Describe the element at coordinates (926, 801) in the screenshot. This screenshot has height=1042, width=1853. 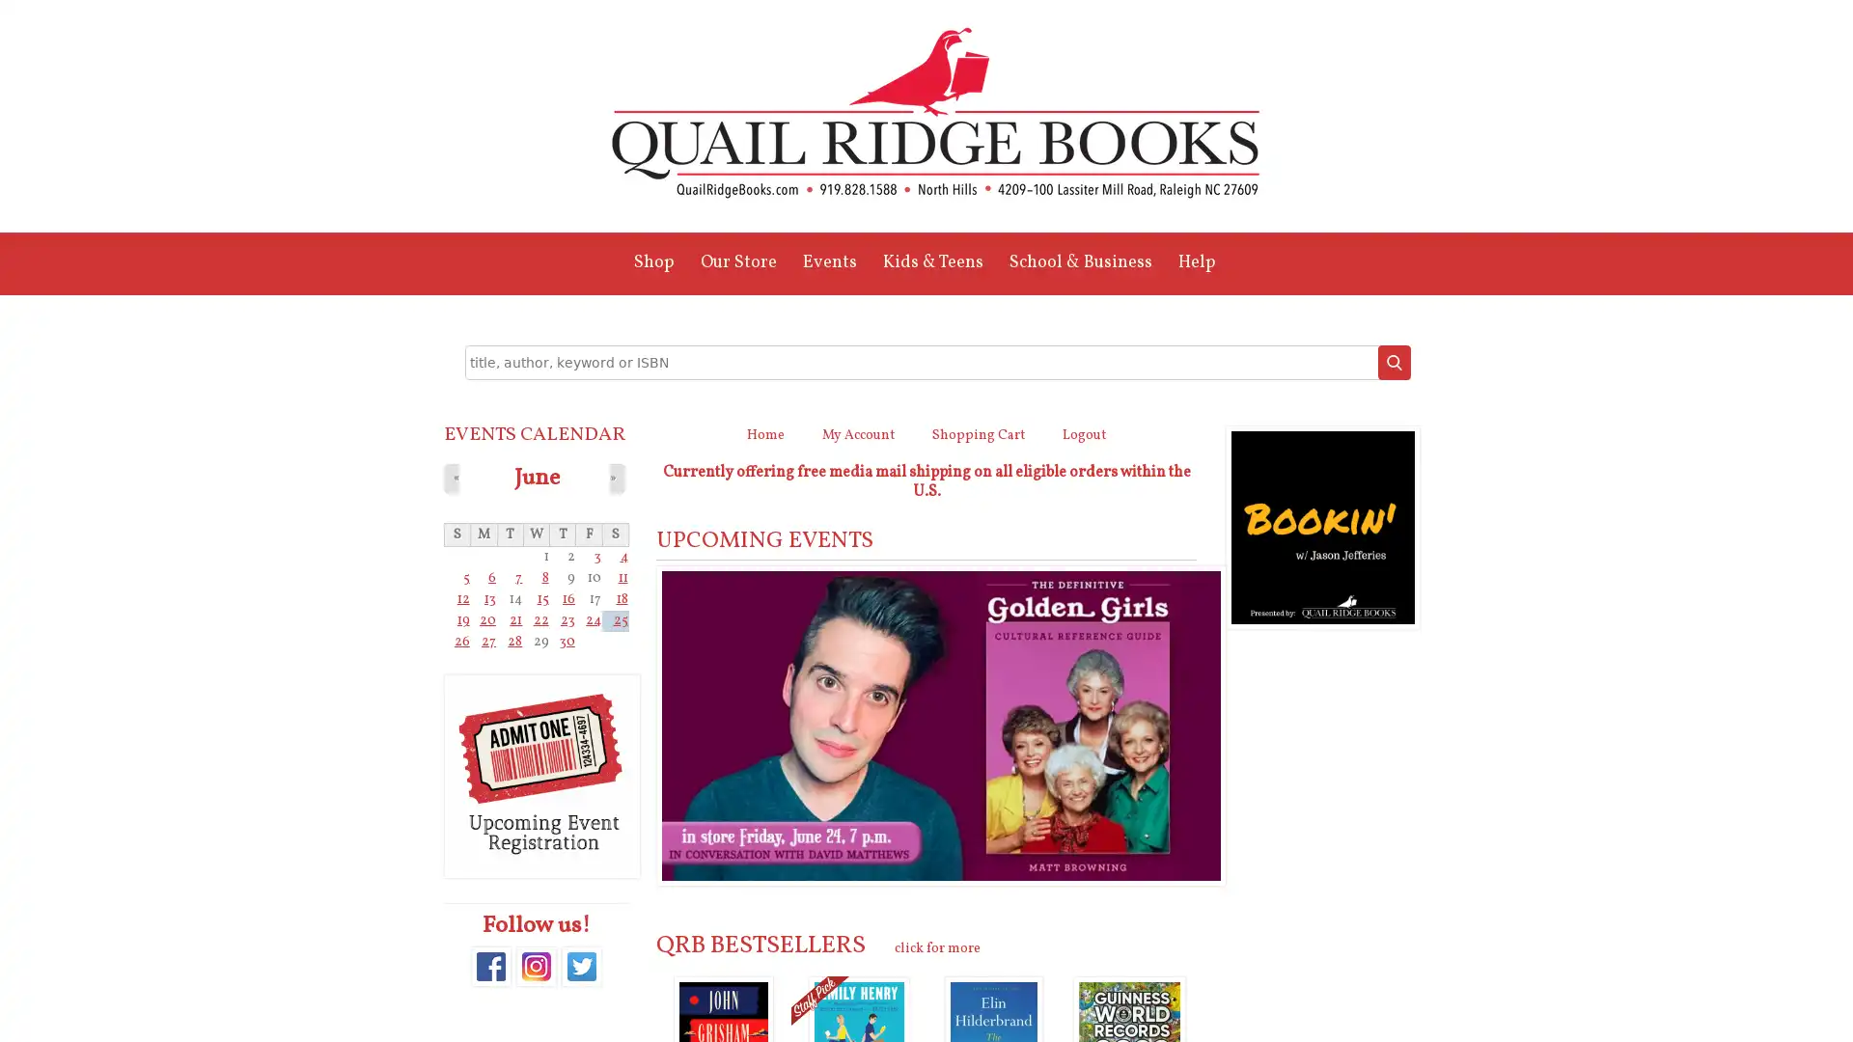
I see `SIGN ME UP!` at that location.